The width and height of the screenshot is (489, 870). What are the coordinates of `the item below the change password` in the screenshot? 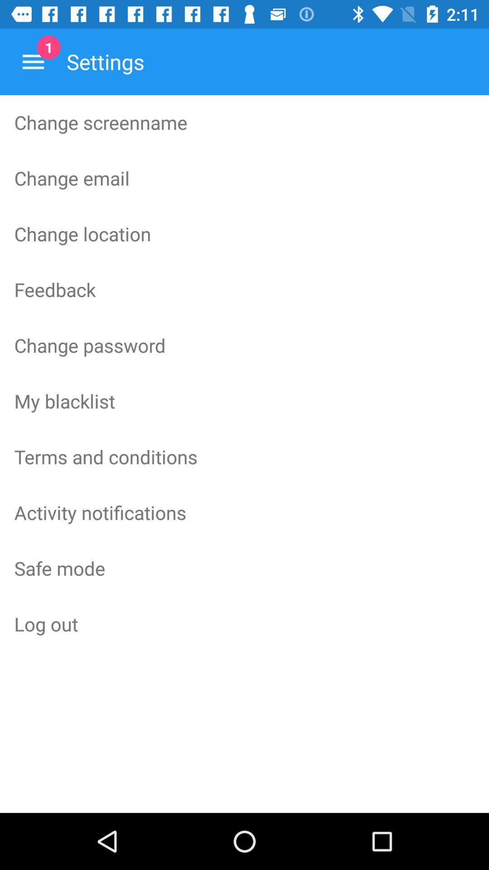 It's located at (244, 400).